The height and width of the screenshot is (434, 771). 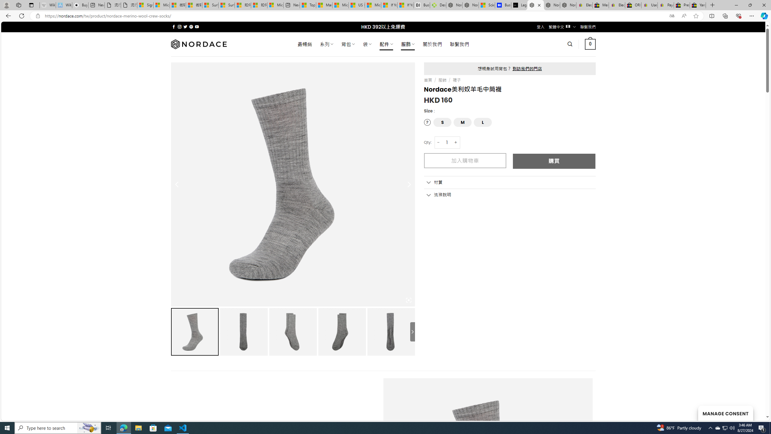 I want to click on 'Press Room - eBay Inc.', so click(x=682, y=5).